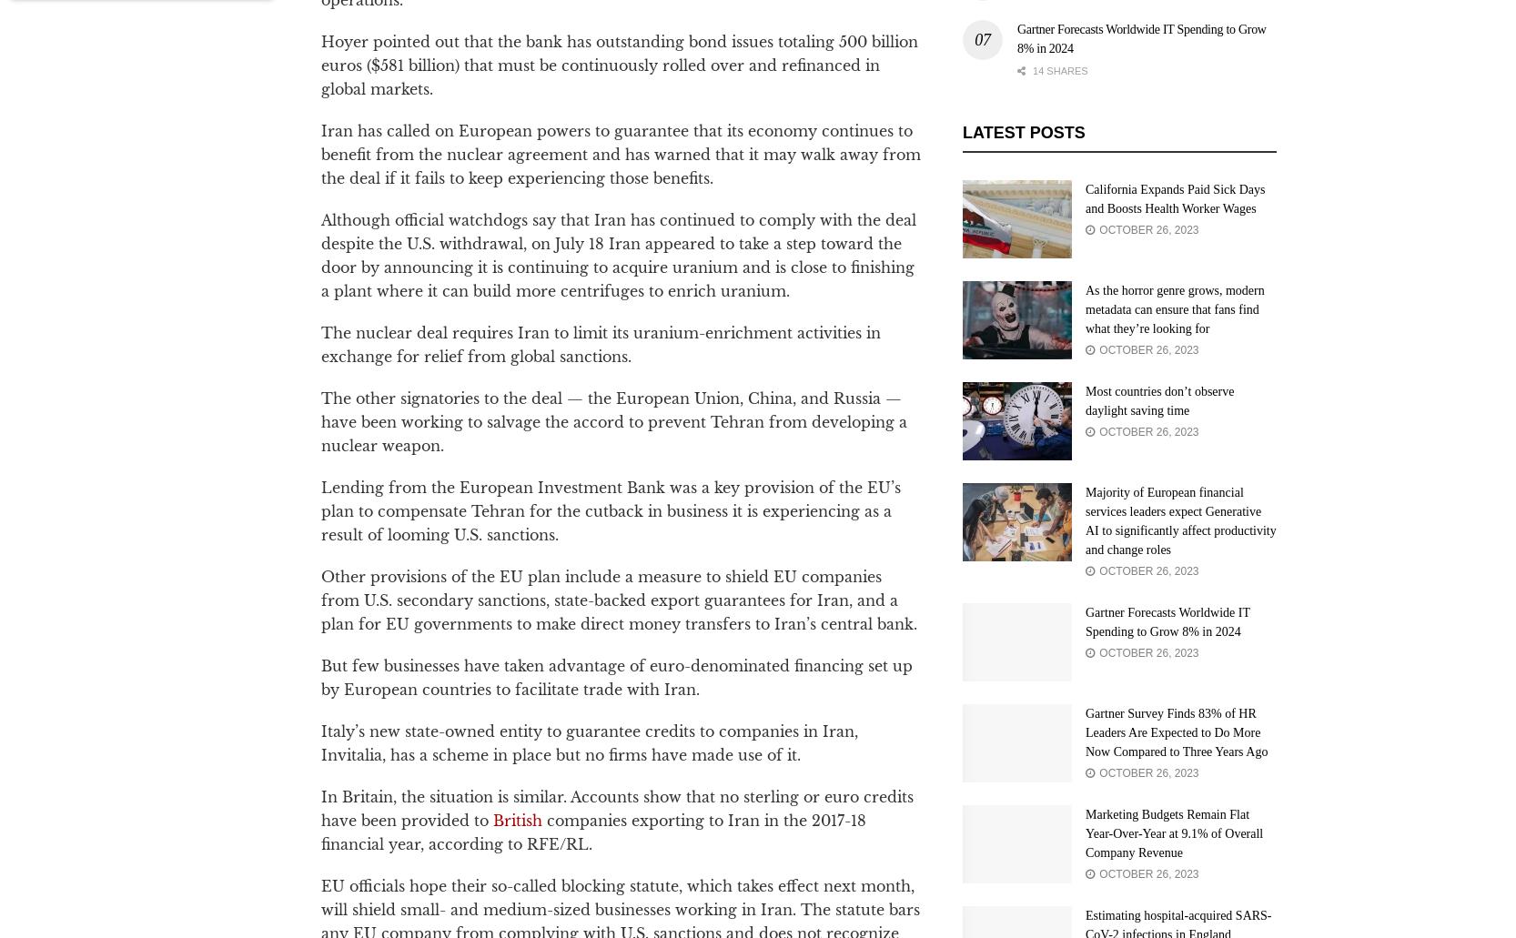 The width and height of the screenshot is (1516, 938). I want to click on 'British', so click(516, 819).